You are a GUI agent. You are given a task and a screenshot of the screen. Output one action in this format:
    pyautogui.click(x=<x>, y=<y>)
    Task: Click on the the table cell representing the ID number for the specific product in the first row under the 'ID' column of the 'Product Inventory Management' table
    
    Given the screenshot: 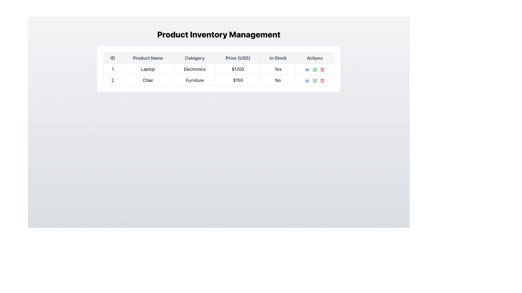 What is the action you would take?
    pyautogui.click(x=112, y=69)
    